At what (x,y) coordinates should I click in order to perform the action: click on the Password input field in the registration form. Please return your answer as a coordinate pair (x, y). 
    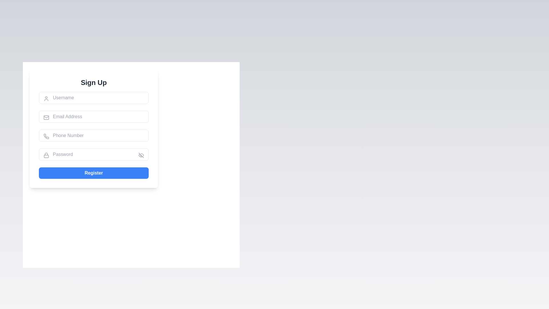
    Looking at the image, I should click on (94, 154).